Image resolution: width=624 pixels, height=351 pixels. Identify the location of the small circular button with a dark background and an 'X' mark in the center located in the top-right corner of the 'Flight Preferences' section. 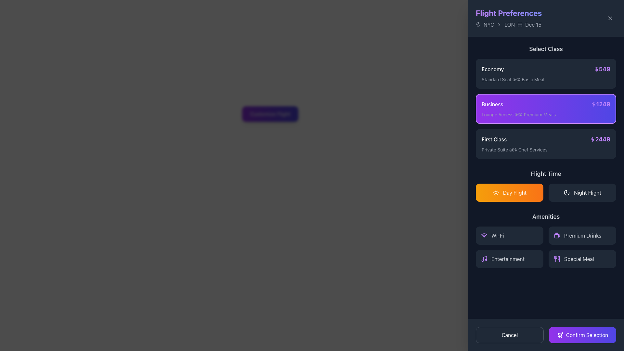
(610, 18).